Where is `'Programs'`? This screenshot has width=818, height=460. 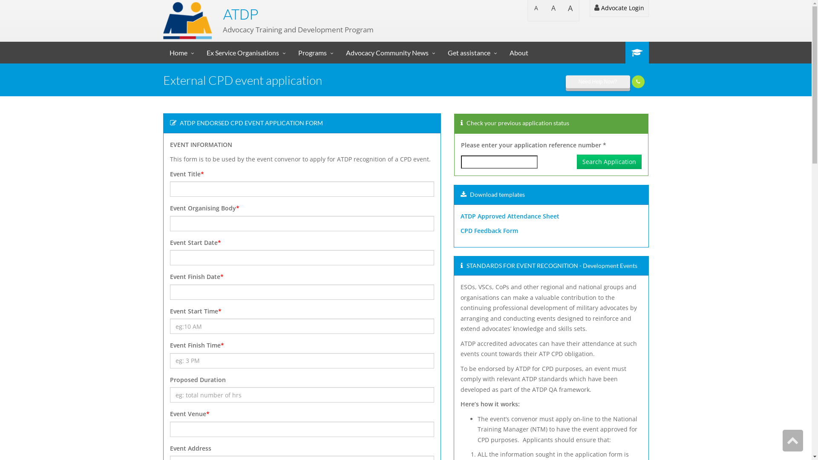 'Programs' is located at coordinates (314, 52).